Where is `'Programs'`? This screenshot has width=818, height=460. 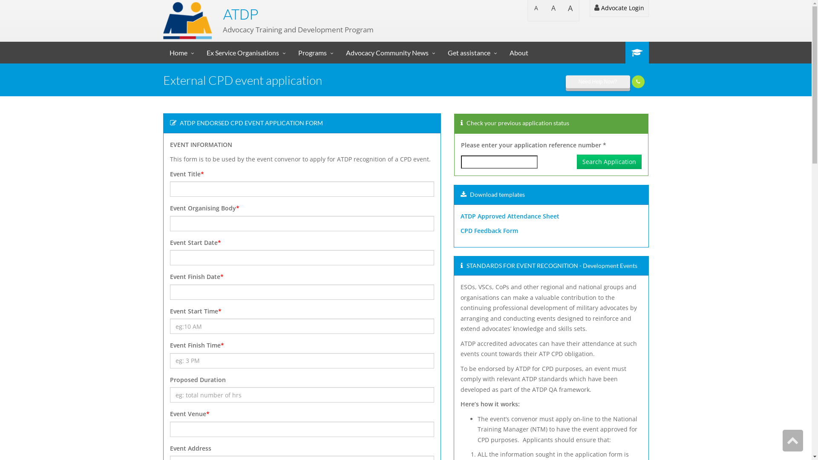 'Programs' is located at coordinates (314, 52).